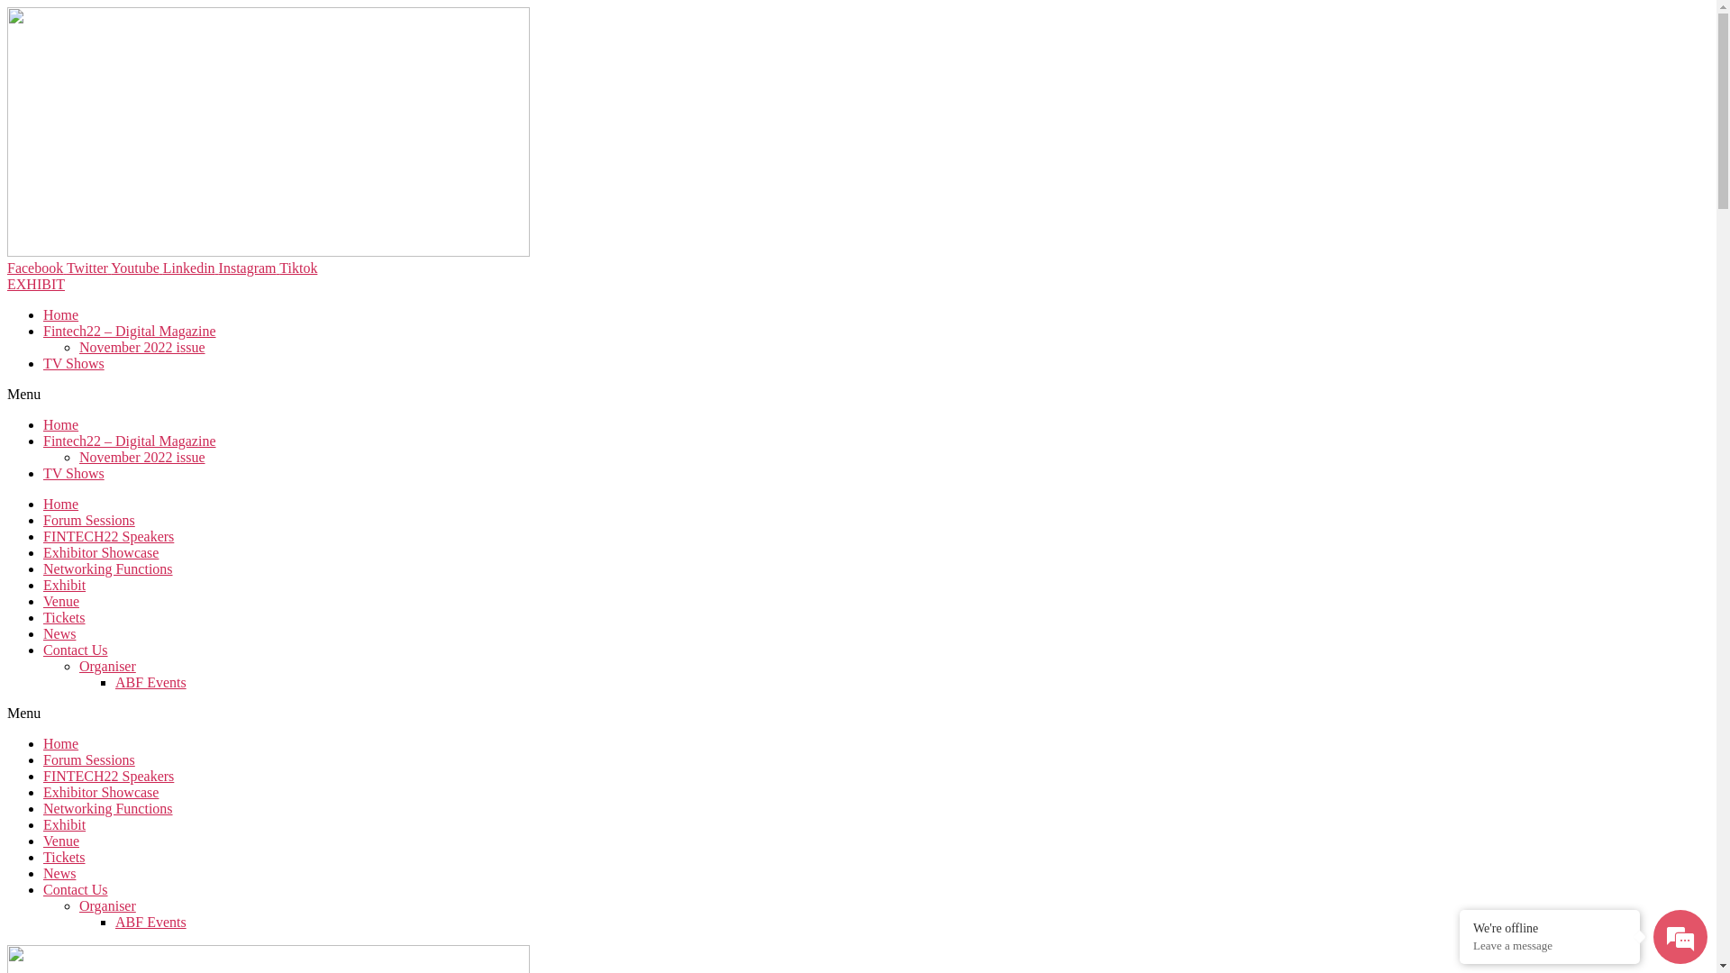  Describe the element at coordinates (72, 363) in the screenshot. I see `'TV Shows'` at that location.